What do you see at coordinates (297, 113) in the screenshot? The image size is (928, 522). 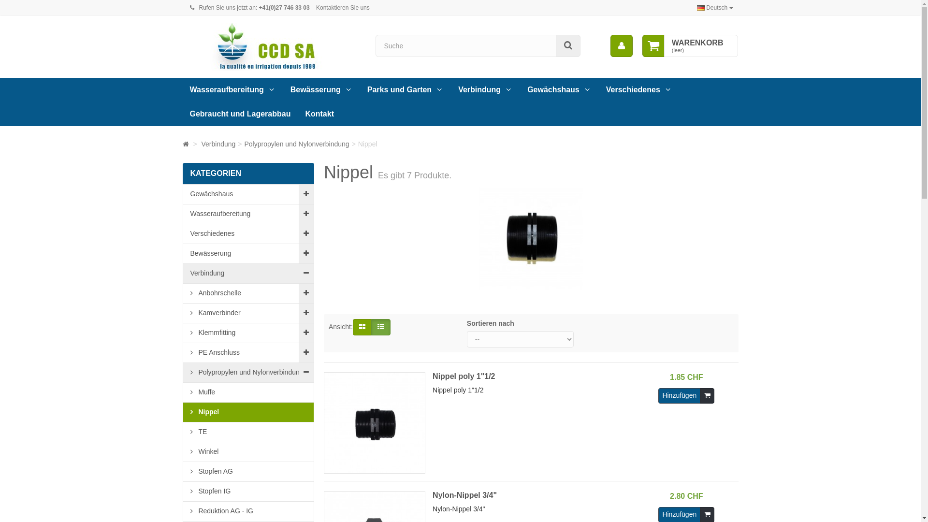 I see `'Kontakt'` at bounding box center [297, 113].